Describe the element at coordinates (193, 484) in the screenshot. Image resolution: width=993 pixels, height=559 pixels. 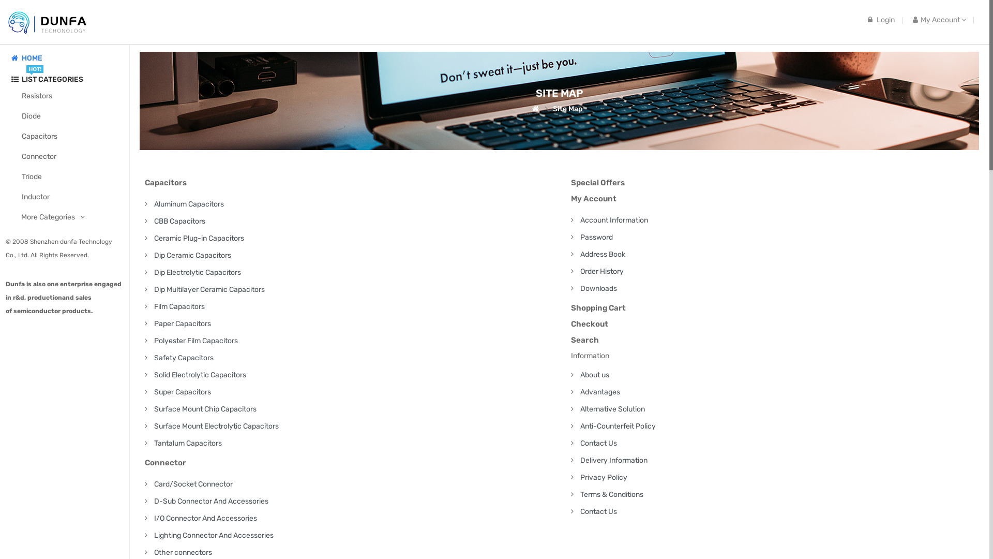
I see `'Card/Socket Connector'` at that location.